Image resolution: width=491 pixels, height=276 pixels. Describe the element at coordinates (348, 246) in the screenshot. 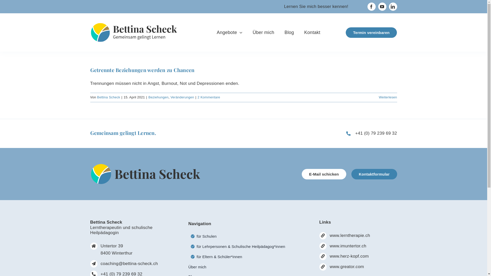

I see `'www.imuntertor.ch'` at that location.